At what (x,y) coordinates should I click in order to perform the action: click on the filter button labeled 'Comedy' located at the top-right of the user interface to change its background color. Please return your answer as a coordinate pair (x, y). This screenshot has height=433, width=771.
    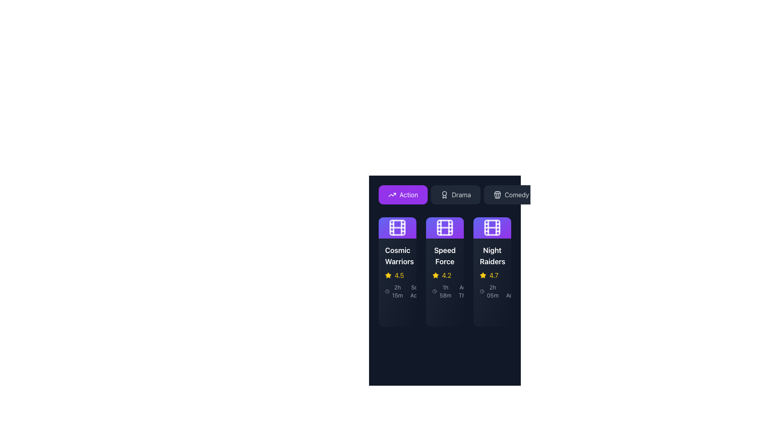
    Looking at the image, I should click on (511, 195).